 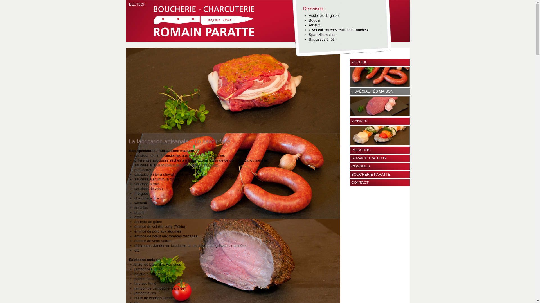 I want to click on 'SERVICE TRAITEUR', so click(x=380, y=158).